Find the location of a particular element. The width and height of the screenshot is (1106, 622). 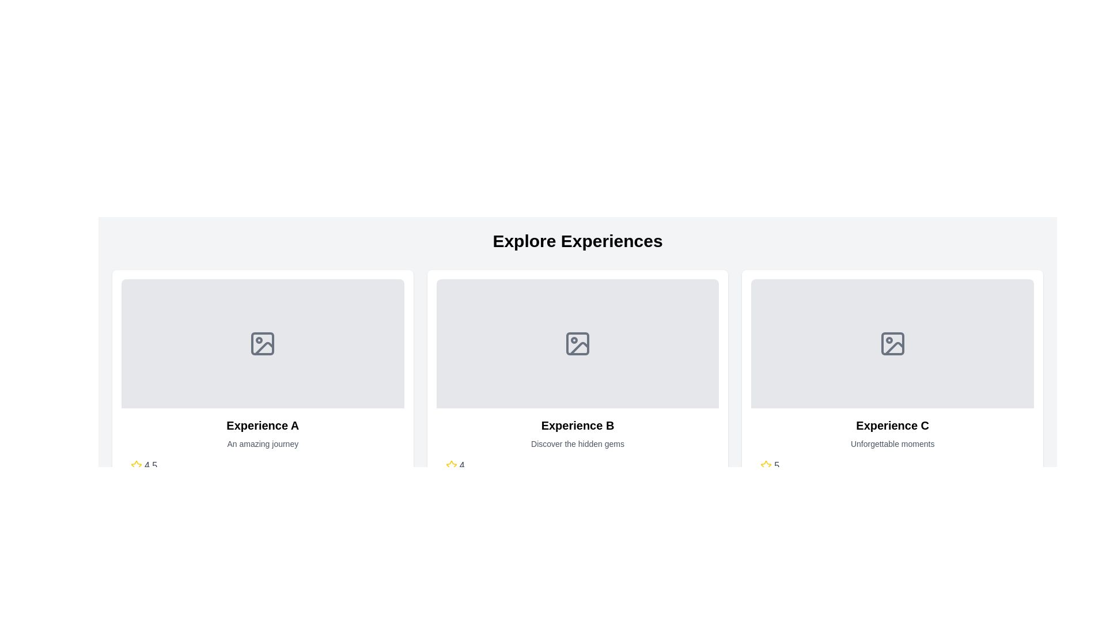

small rectangular decorative element within the image icon located at the top-middle of the 'Experience A' card in the first column of the layout by opening the developer tools is located at coordinates (262, 343).